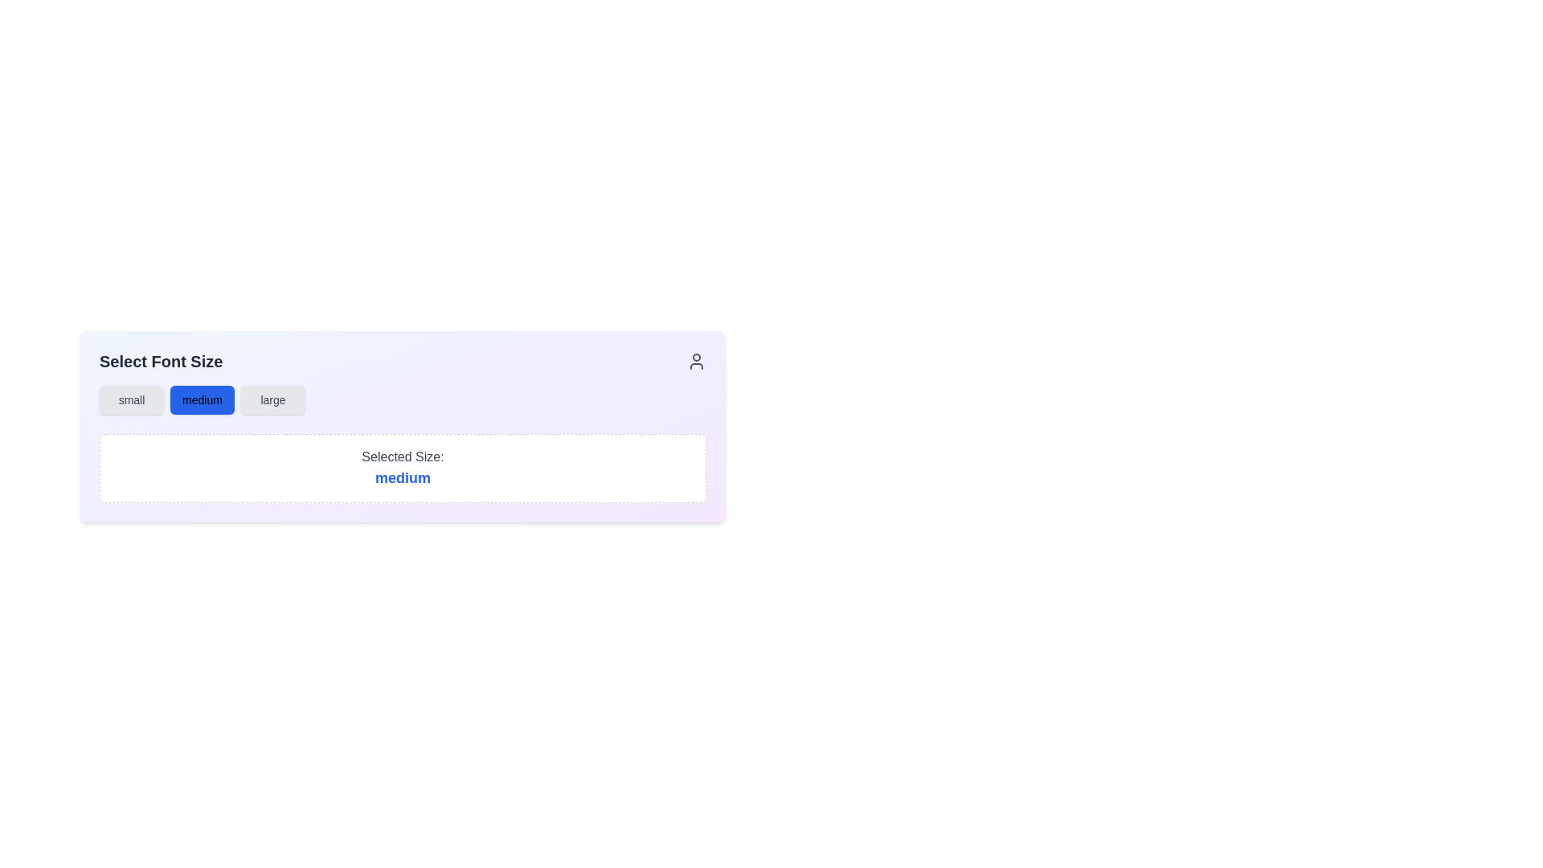 The width and height of the screenshot is (1543, 868). What do you see at coordinates (161, 362) in the screenshot?
I see `the 'Select Font Size' text label, which is a large, bold, dark gray header positioned at the top of its section` at bounding box center [161, 362].